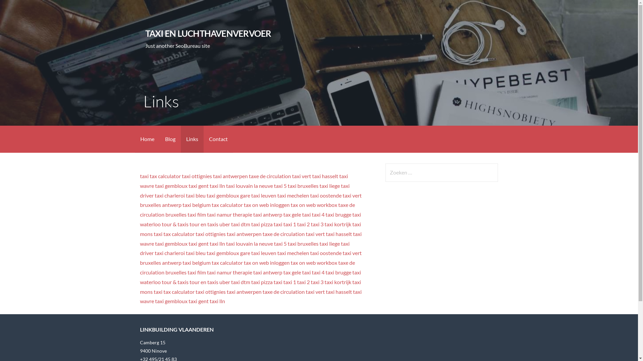 Image resolution: width=643 pixels, height=361 pixels. Describe the element at coordinates (280, 186) in the screenshot. I see `'taxi 5'` at that location.